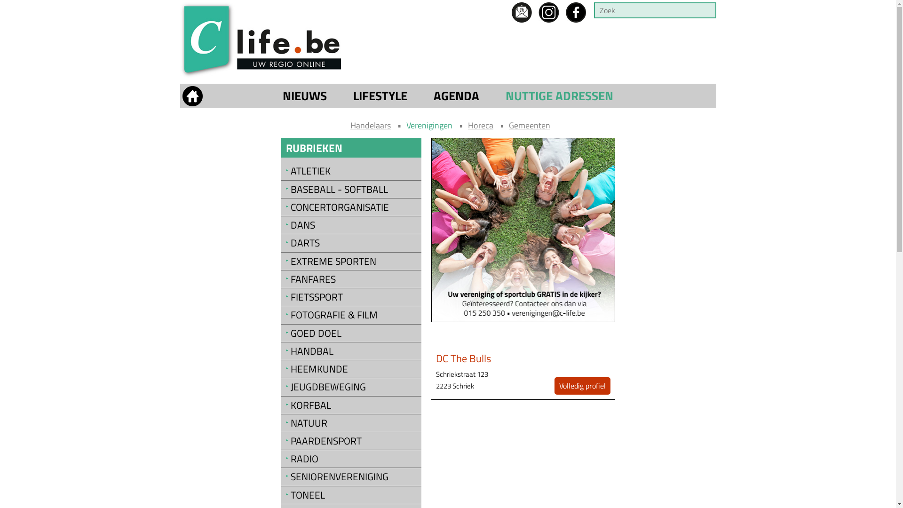  Describe the element at coordinates (353, 441) in the screenshot. I see `'PAARDENSPORT'` at that location.